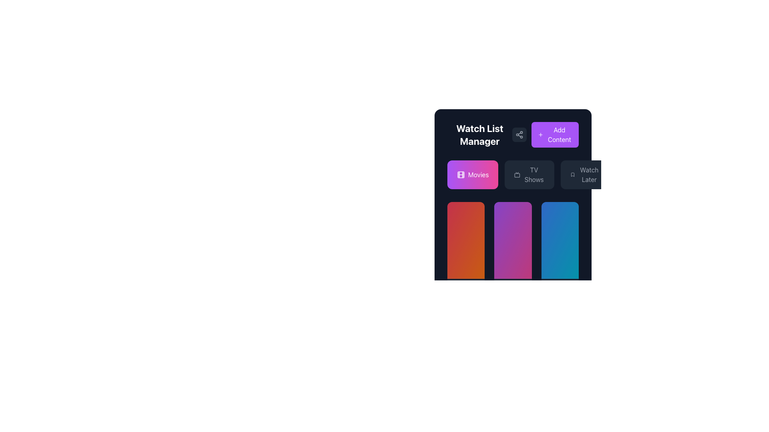 The image size is (769, 432). Describe the element at coordinates (517, 174) in the screenshot. I see `the 'TV Shows' icon within the Watch List Manager to identify the section visually` at that location.